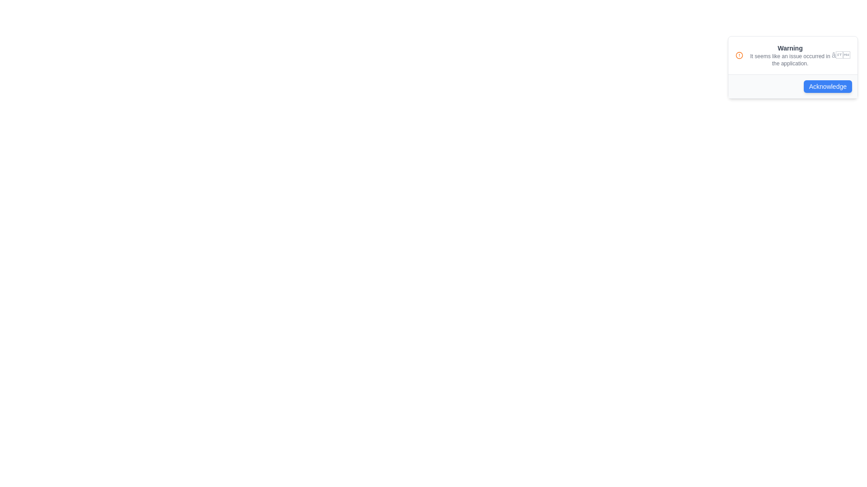  What do you see at coordinates (739, 55) in the screenshot?
I see `the SVG Circle element that is part of the alert or warning icon located at the top-right corner of the interface within a notification card` at bounding box center [739, 55].